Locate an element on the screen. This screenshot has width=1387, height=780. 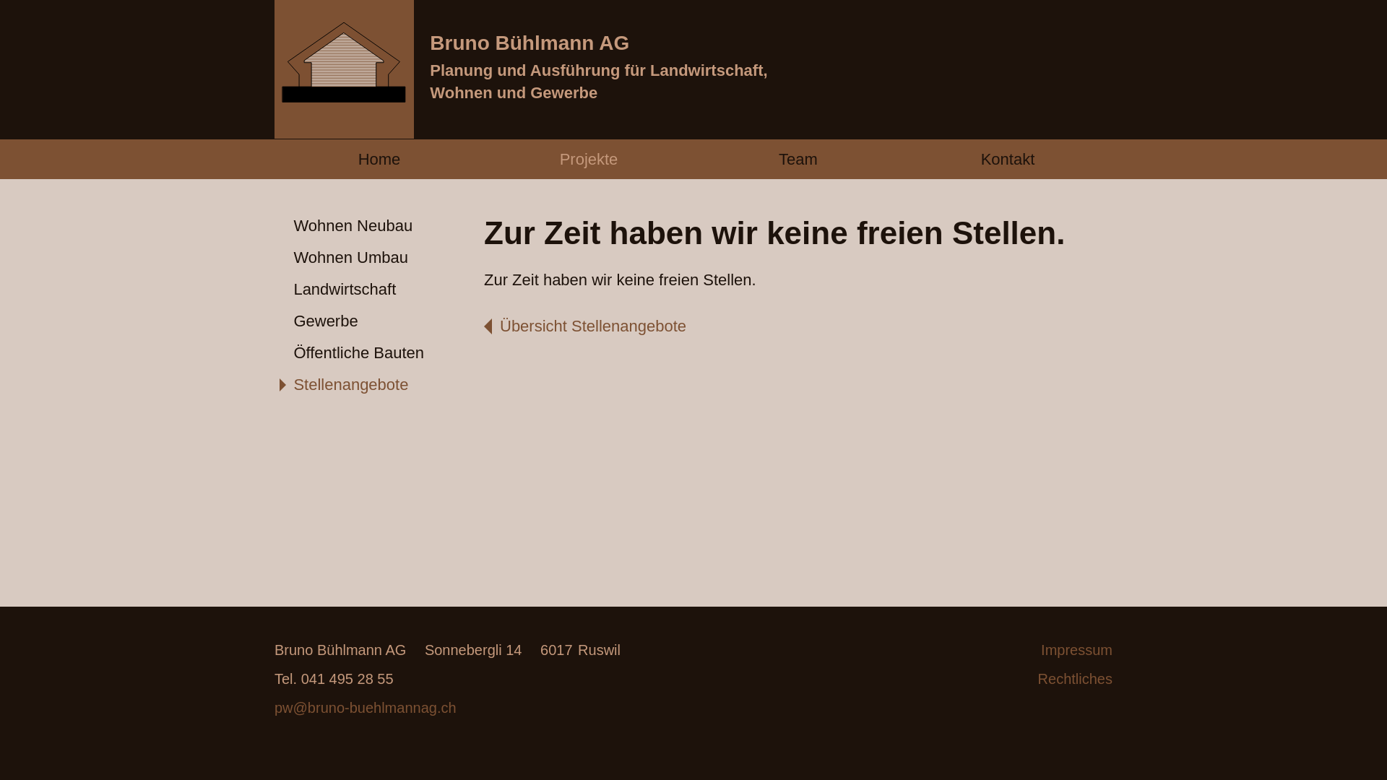
'Landwirtschaft' is located at coordinates (379, 290).